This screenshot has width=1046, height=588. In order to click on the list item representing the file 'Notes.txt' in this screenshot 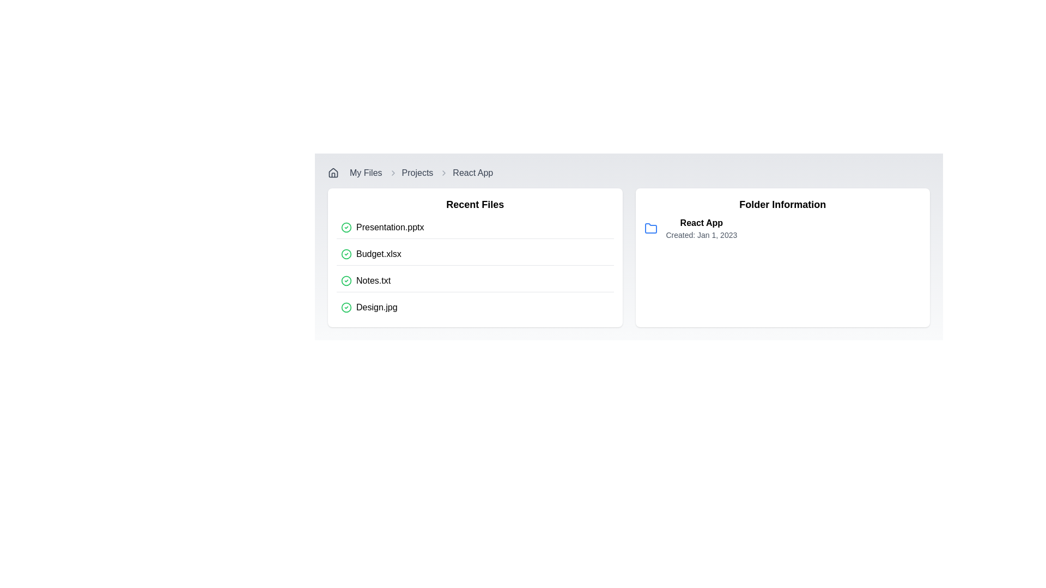, I will do `click(475, 280)`.